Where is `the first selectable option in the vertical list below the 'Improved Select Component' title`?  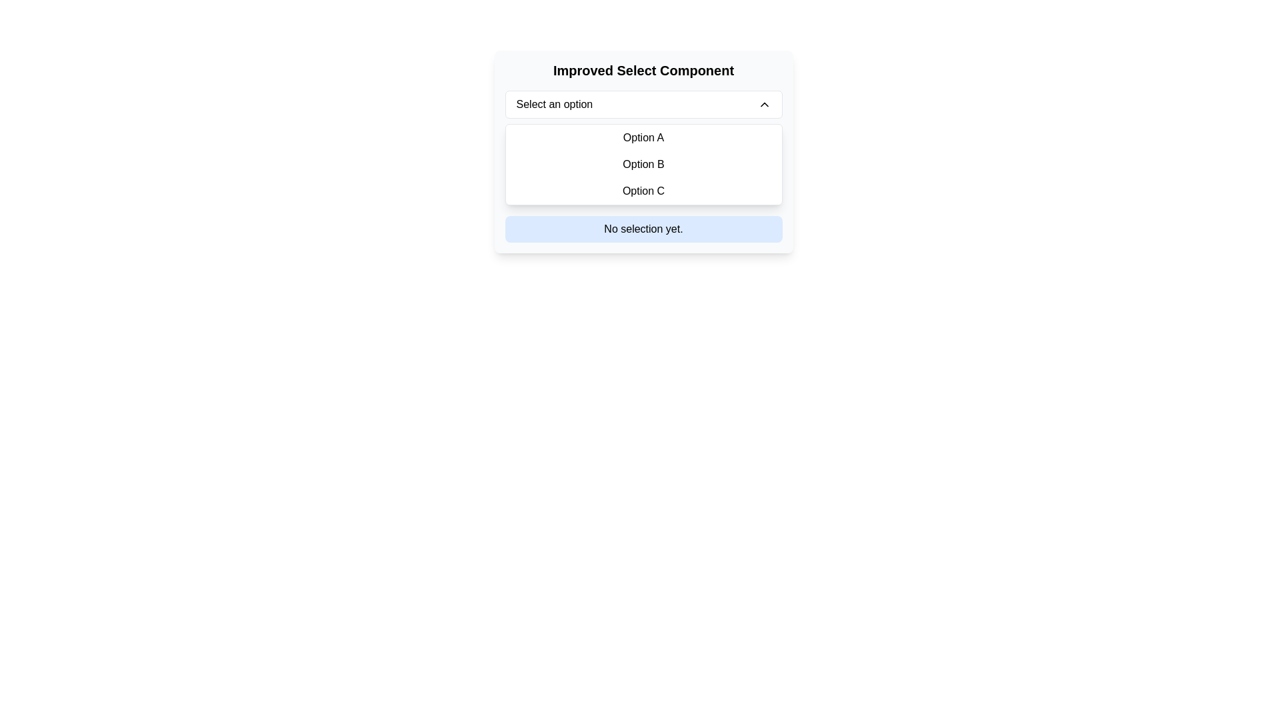 the first selectable option in the vertical list below the 'Improved Select Component' title is located at coordinates (643, 138).